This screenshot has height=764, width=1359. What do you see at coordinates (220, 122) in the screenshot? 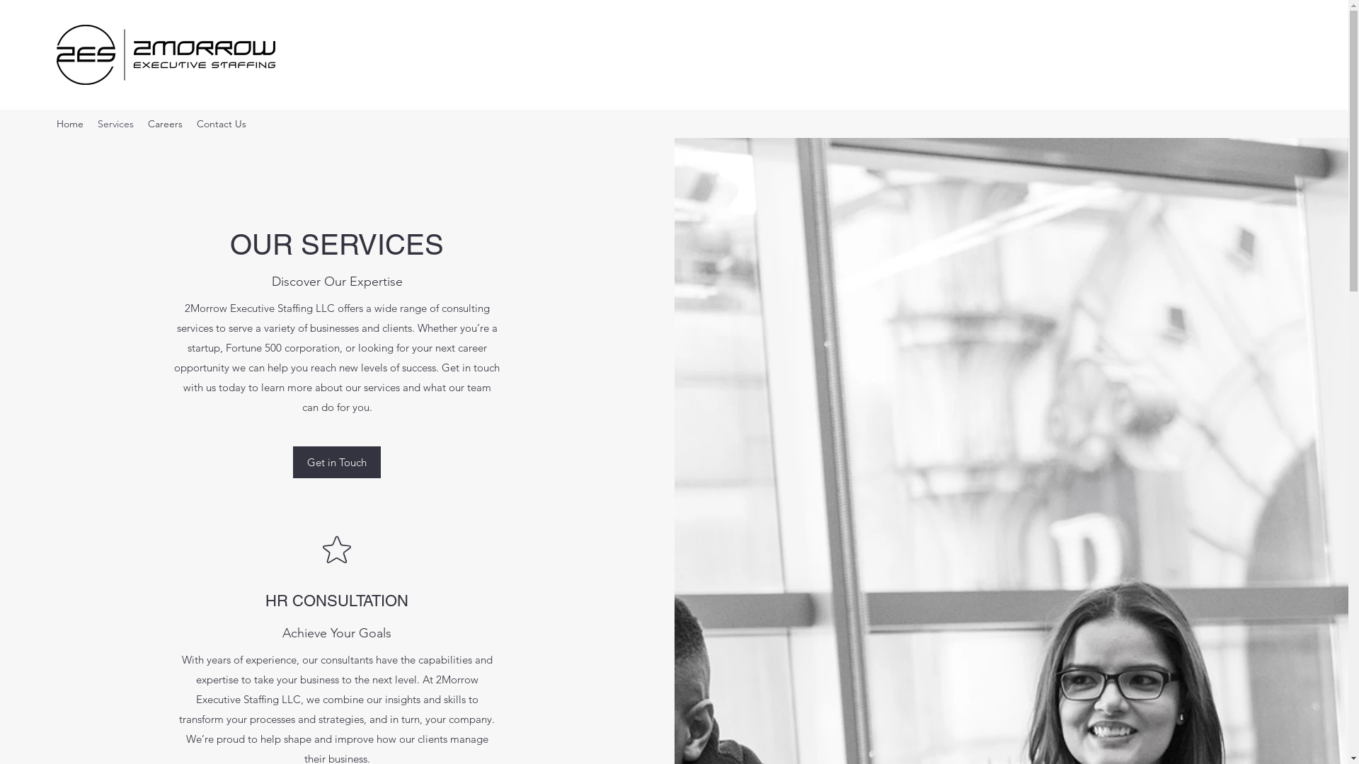
I see `'Contact Us'` at bounding box center [220, 122].